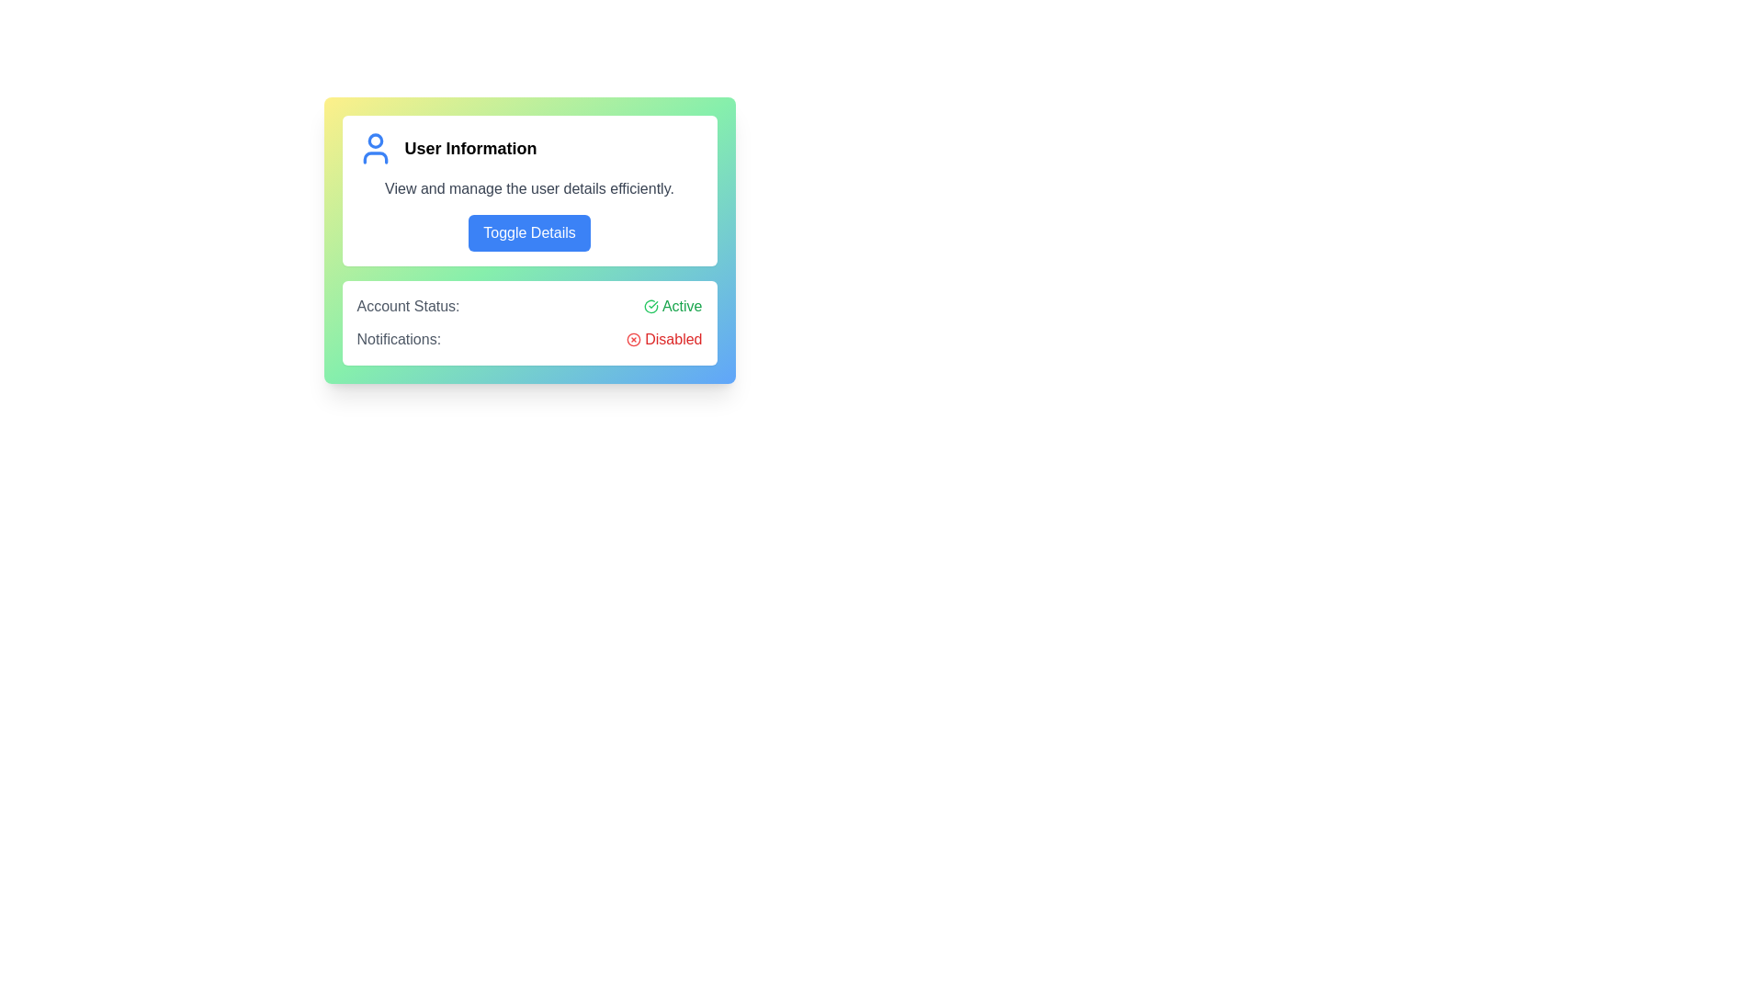 The height and width of the screenshot is (992, 1764). I want to click on the text label displaying 'Notifications:' in gray color, located to the left of the notification status controls, so click(398, 340).